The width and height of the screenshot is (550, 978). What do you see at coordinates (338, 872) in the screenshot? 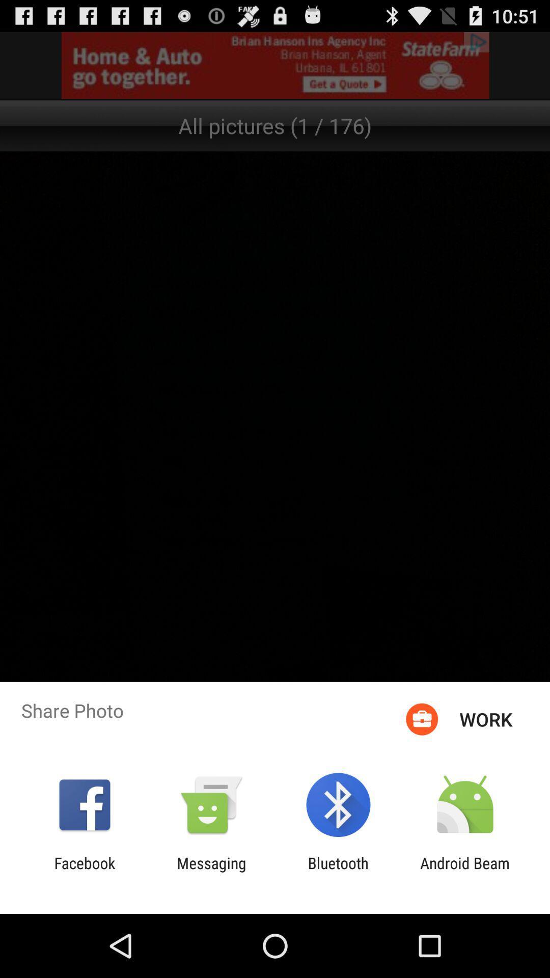
I see `bluetooth app` at bounding box center [338, 872].